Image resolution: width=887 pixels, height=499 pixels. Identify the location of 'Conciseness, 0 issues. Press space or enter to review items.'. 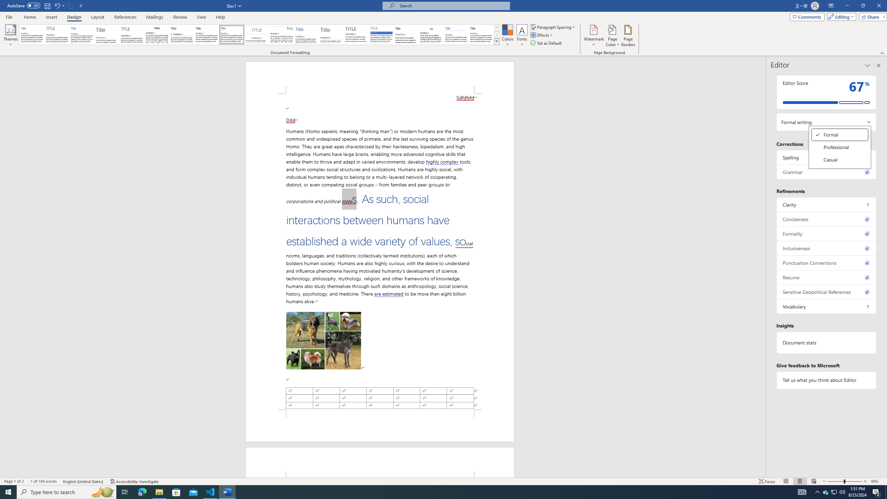
(826, 219).